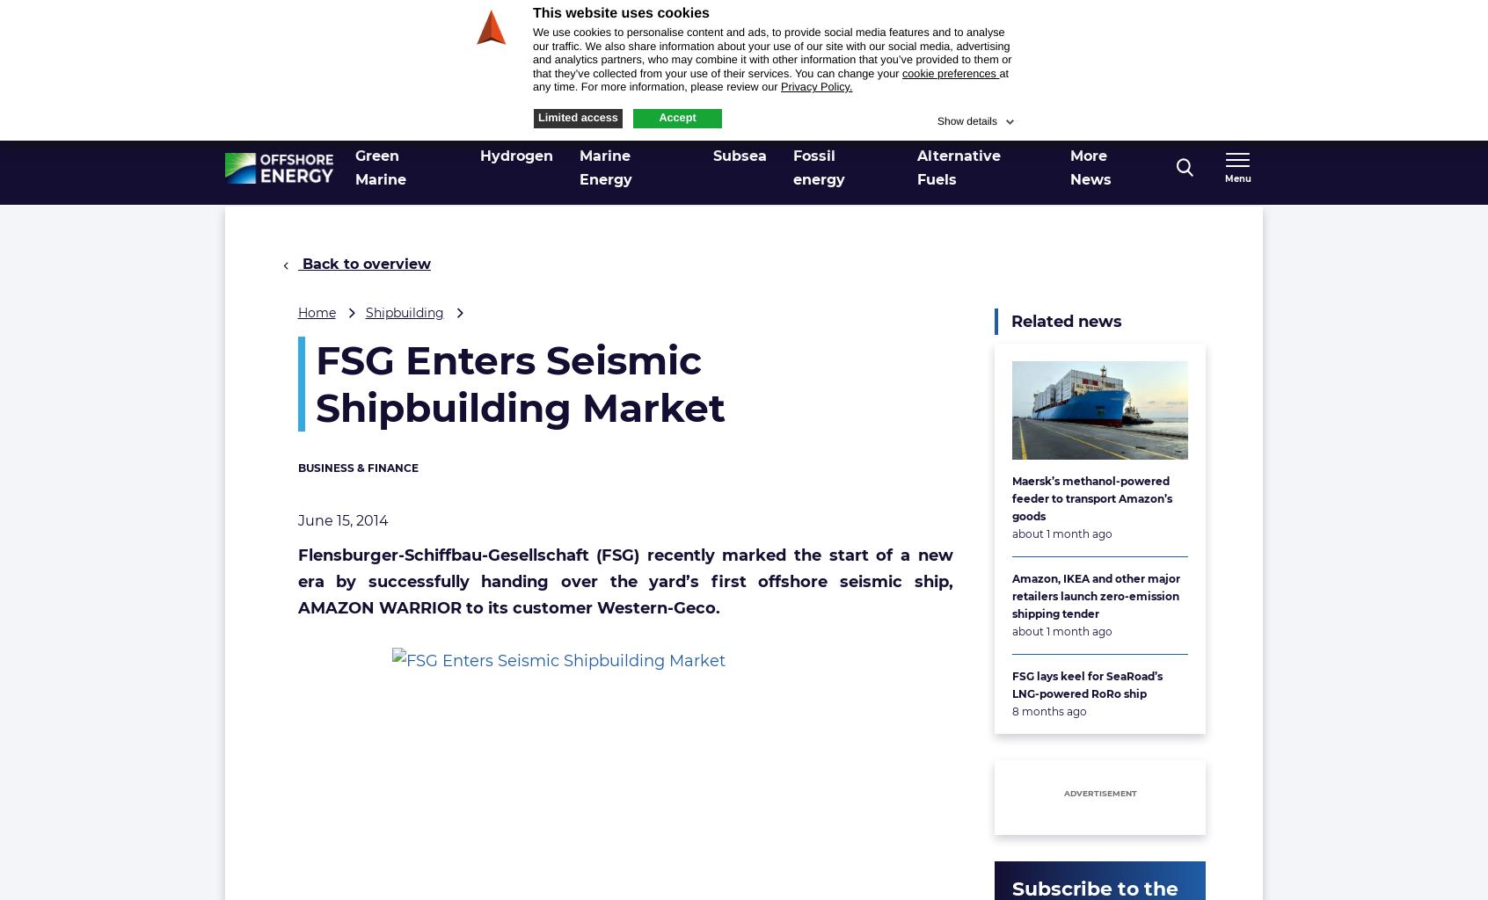 This screenshot has height=900, width=1488. What do you see at coordinates (1096, 594) in the screenshot?
I see `'Amazon, IKEA and other major retailers launch zero-emission shipping tender'` at bounding box center [1096, 594].